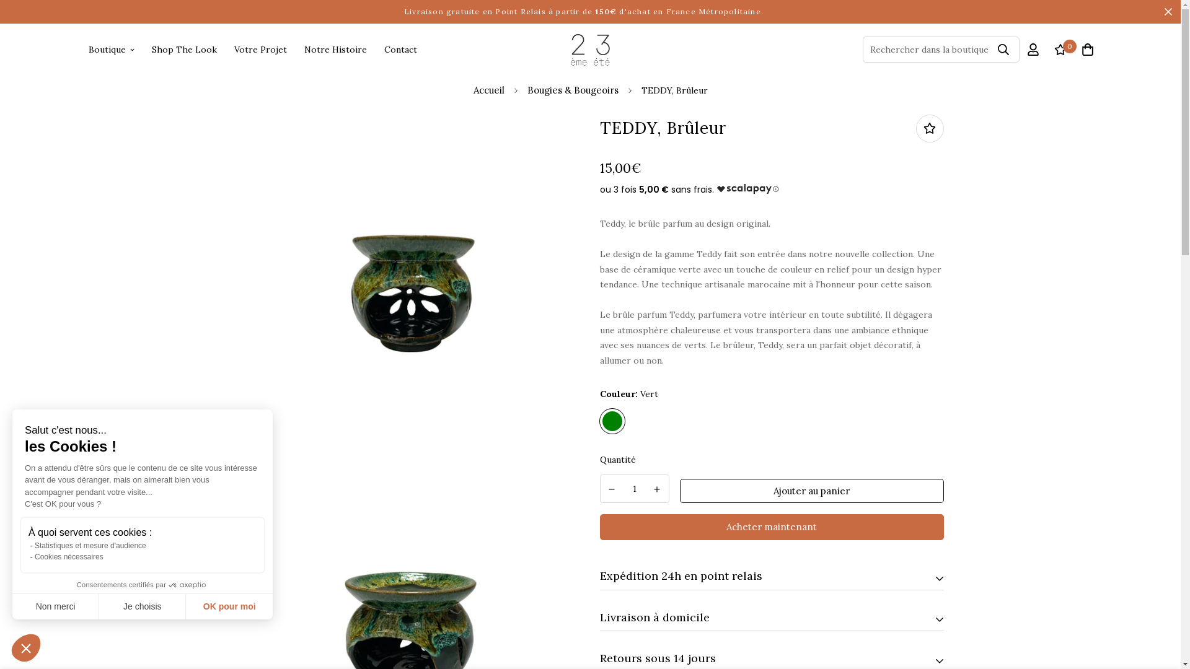 This screenshot has height=669, width=1190. Describe the element at coordinates (335, 49) in the screenshot. I see `'Notre Histoire'` at that location.